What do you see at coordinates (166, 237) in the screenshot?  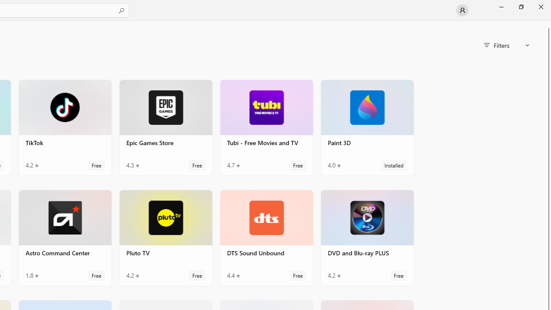 I see `'Pluto TV. Average rating of 4.2 out of five stars. Free  '` at bounding box center [166, 237].